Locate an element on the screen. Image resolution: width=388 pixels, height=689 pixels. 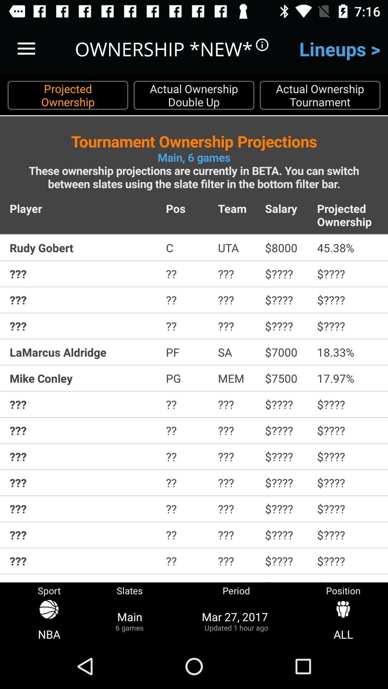
icon next to the pg is located at coordinates (236, 378).